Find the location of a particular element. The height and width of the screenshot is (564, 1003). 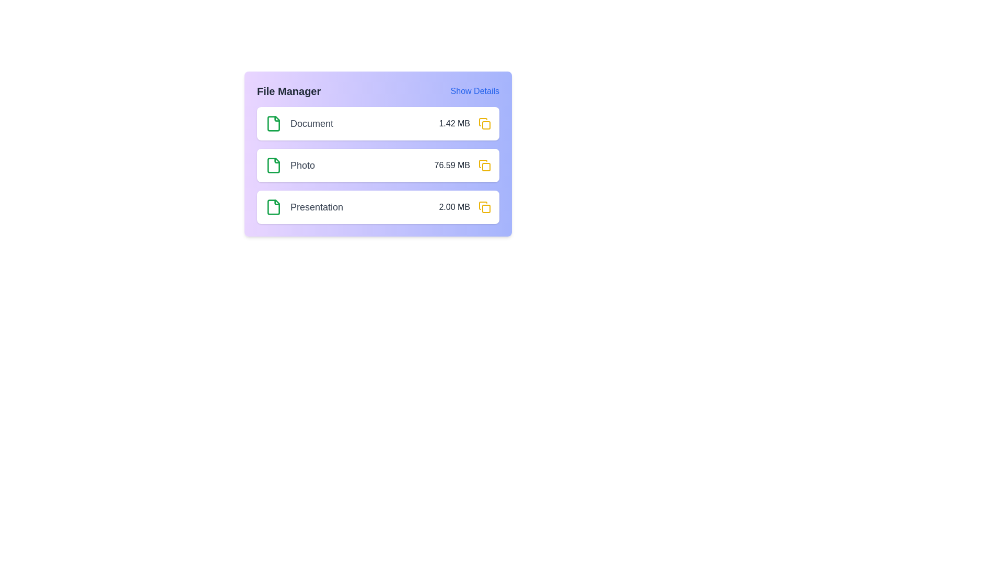

the third file entry in the 'File Manager' section representing the 'Presentation' file, located below 'Document' and 'Photo' is located at coordinates (378, 207).